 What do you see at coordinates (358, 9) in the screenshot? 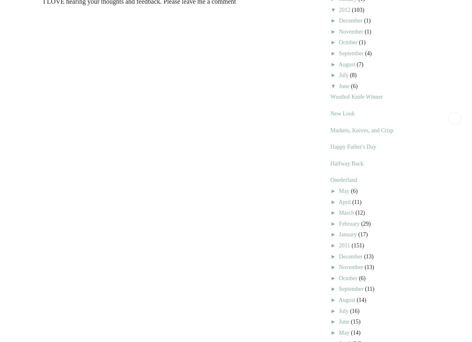
I see `'(103)'` at bounding box center [358, 9].